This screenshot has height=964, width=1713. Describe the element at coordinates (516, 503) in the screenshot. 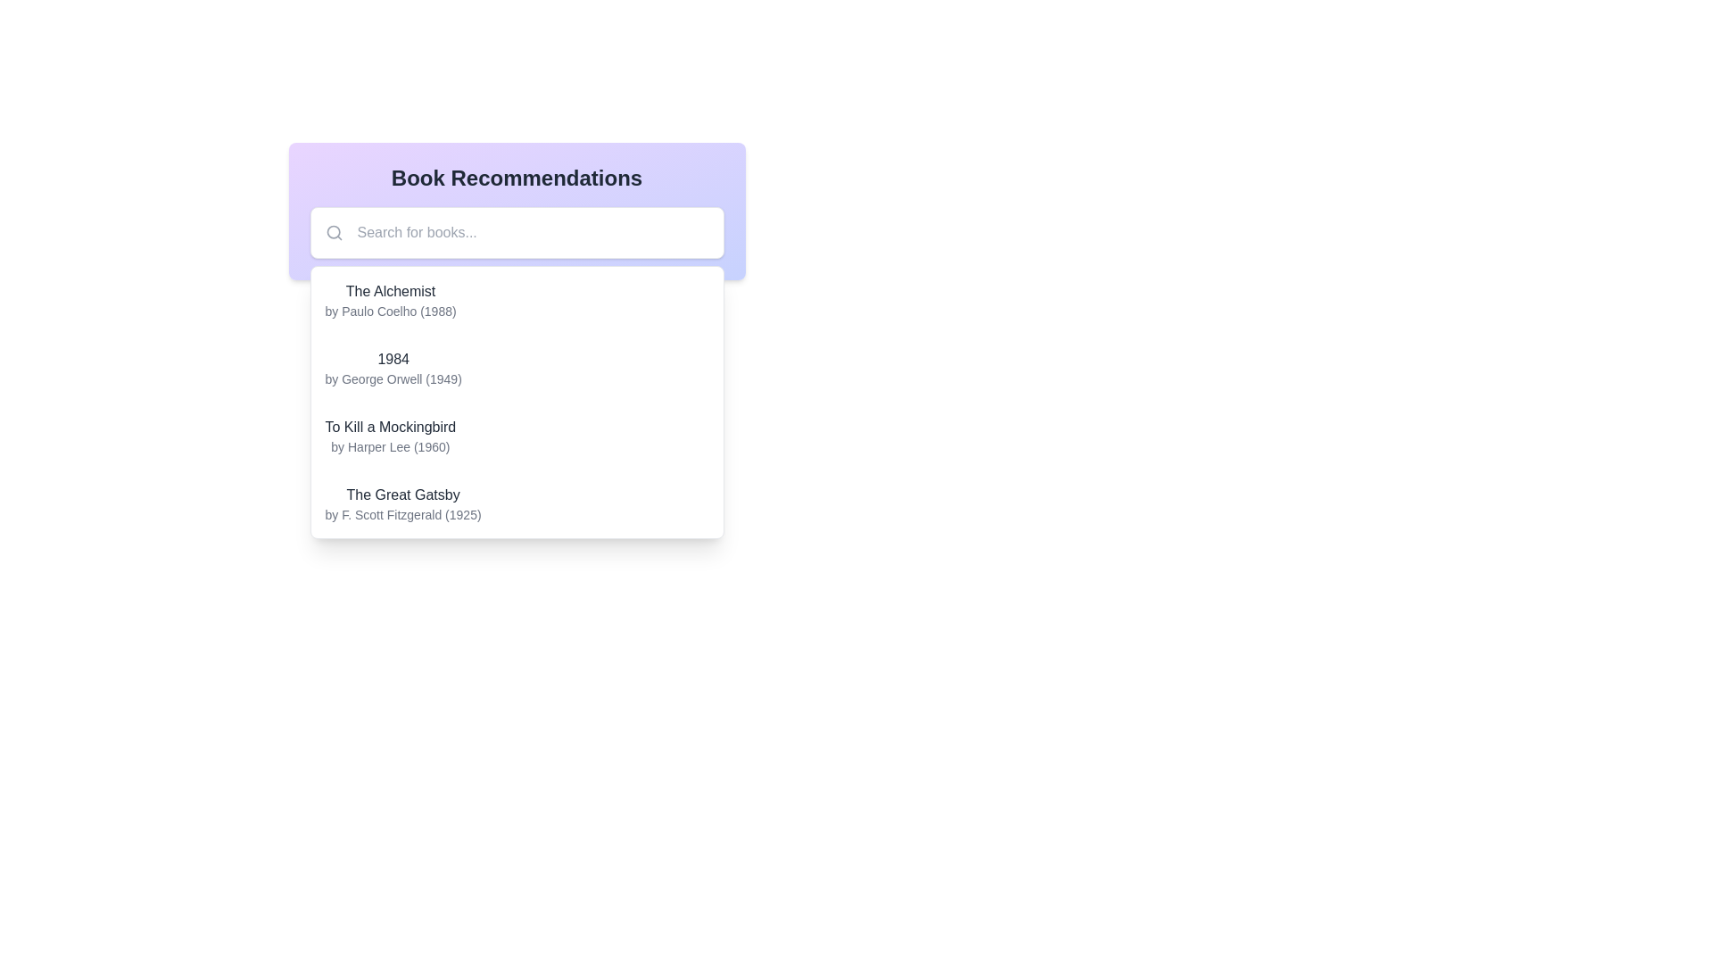

I see `the clickable list item displaying a book recommendation, positioned as the fourth item in a vertical list below 'To Kill a Mockingbird by Harper Lee (1960)'` at that location.